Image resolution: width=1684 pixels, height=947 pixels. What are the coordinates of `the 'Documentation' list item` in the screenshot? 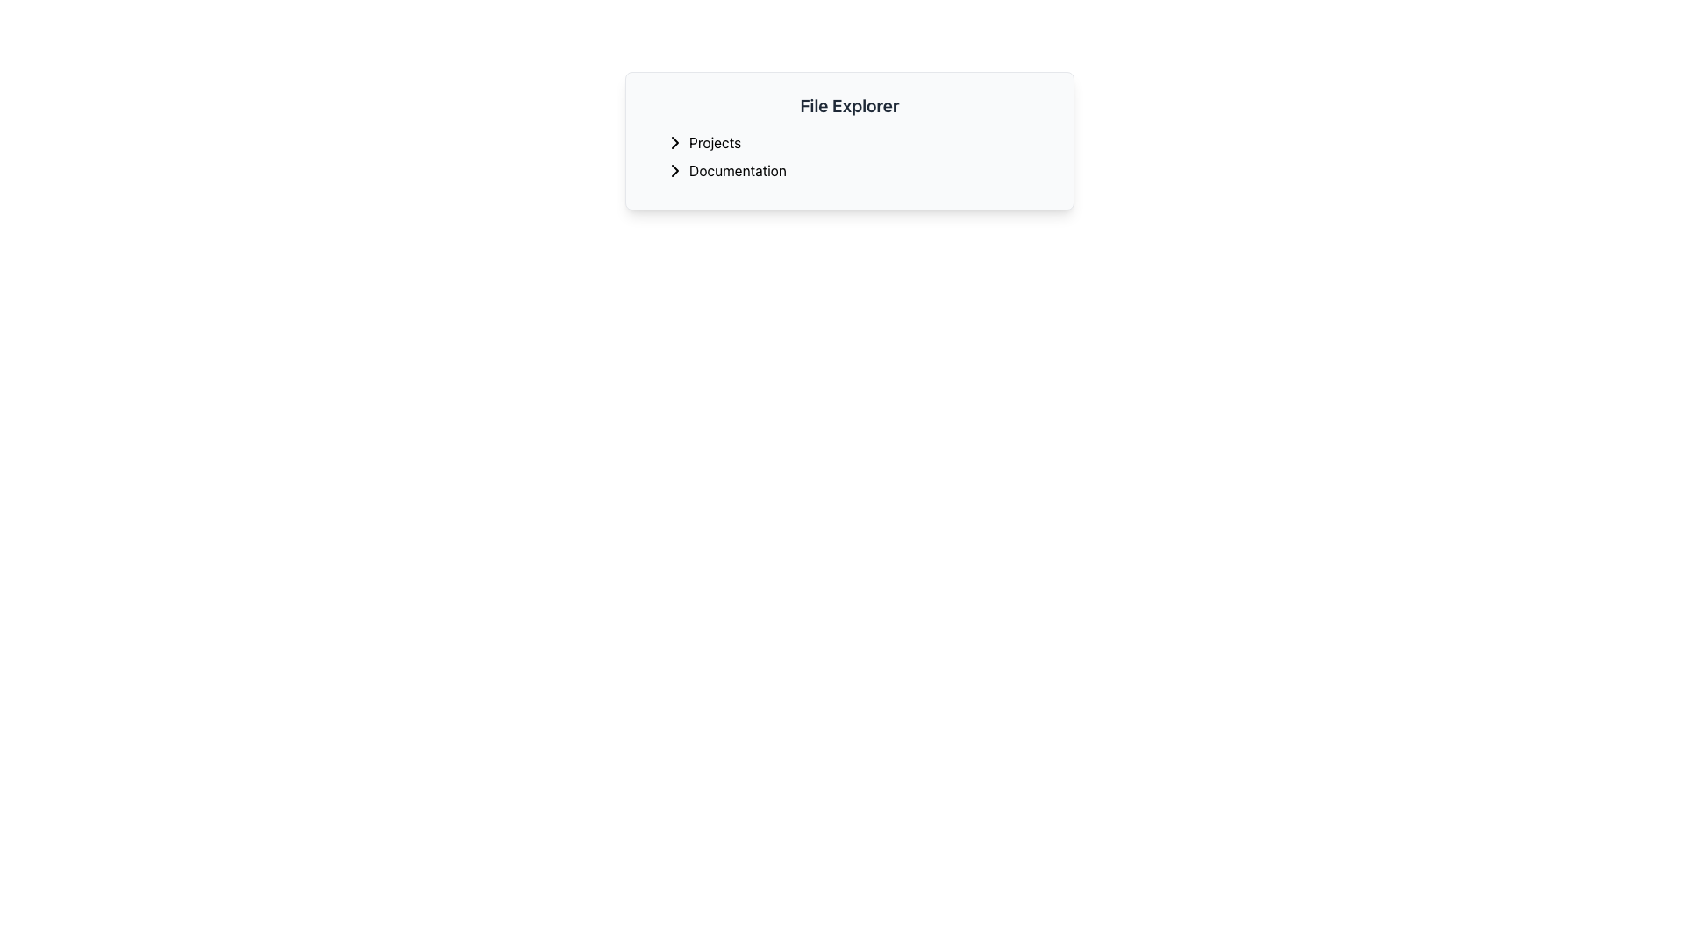 It's located at (859, 171).